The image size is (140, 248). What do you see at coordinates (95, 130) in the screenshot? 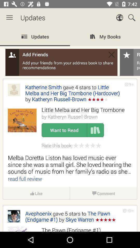
I see `item to the right of the want to read item` at bounding box center [95, 130].